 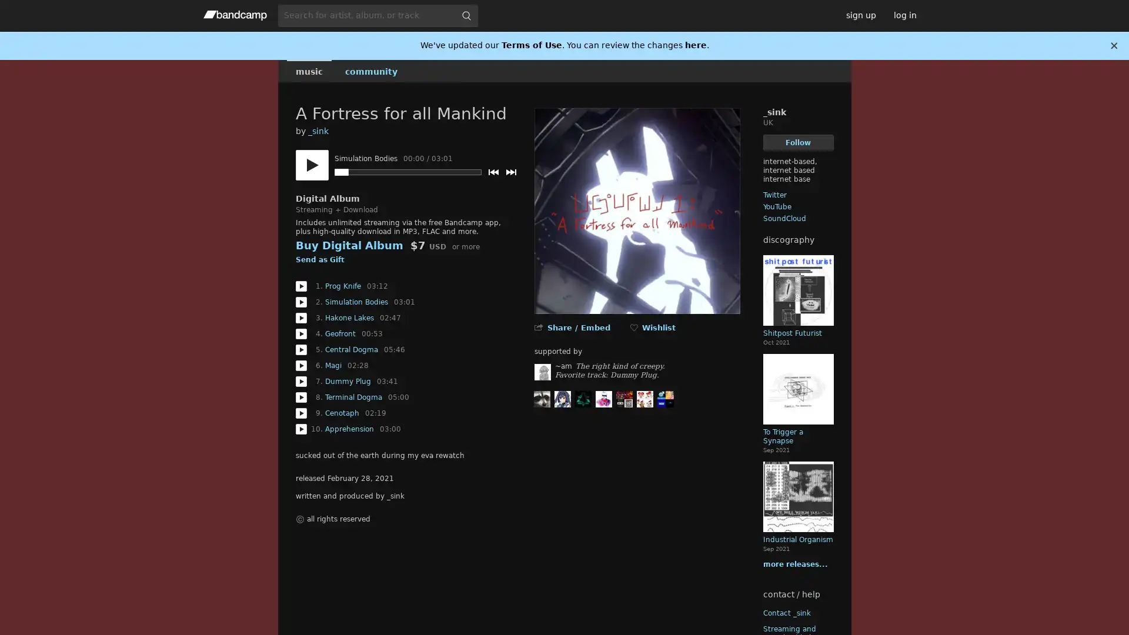 What do you see at coordinates (300, 333) in the screenshot?
I see `Play Geofront` at bounding box center [300, 333].